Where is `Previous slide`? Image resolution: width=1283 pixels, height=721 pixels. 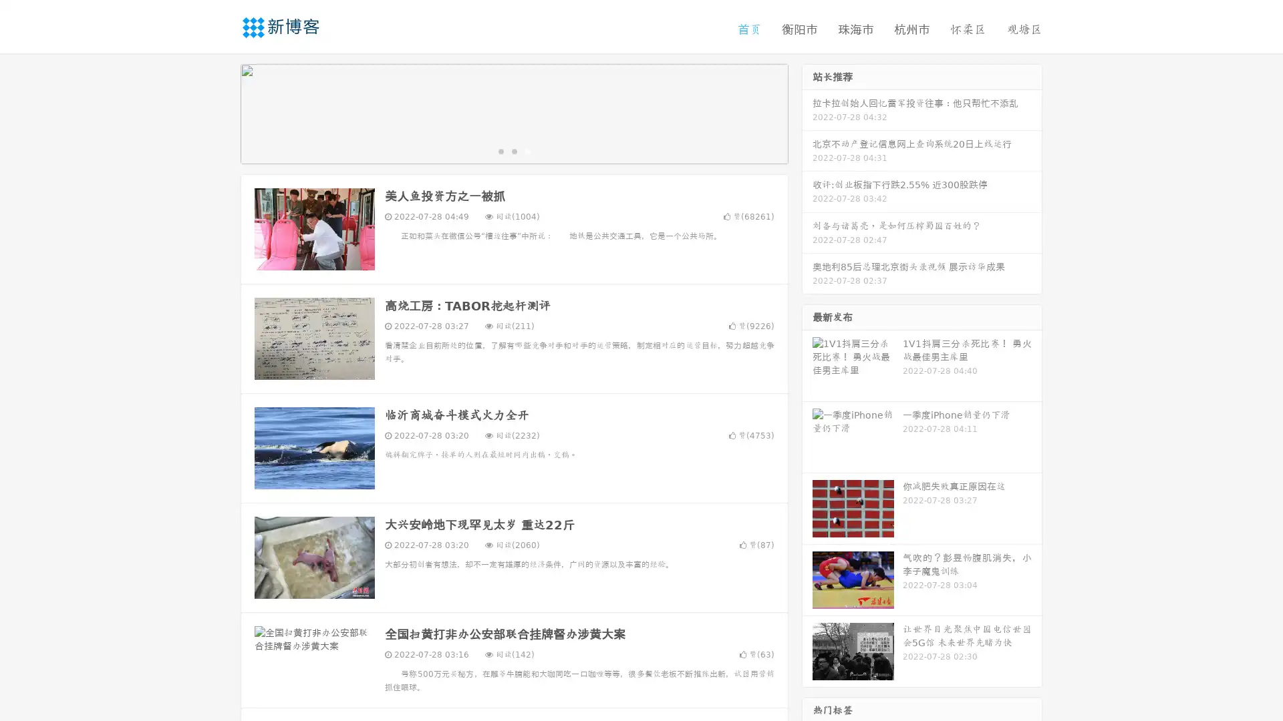
Previous slide is located at coordinates (221, 112).